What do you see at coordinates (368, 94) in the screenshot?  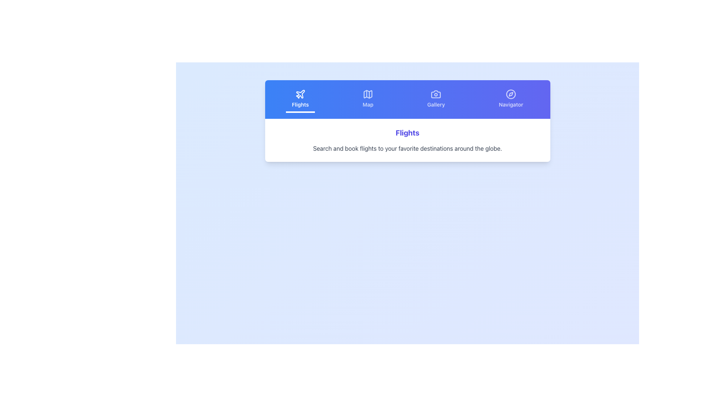 I see `the map icon in the horizontal navigation bar` at bounding box center [368, 94].